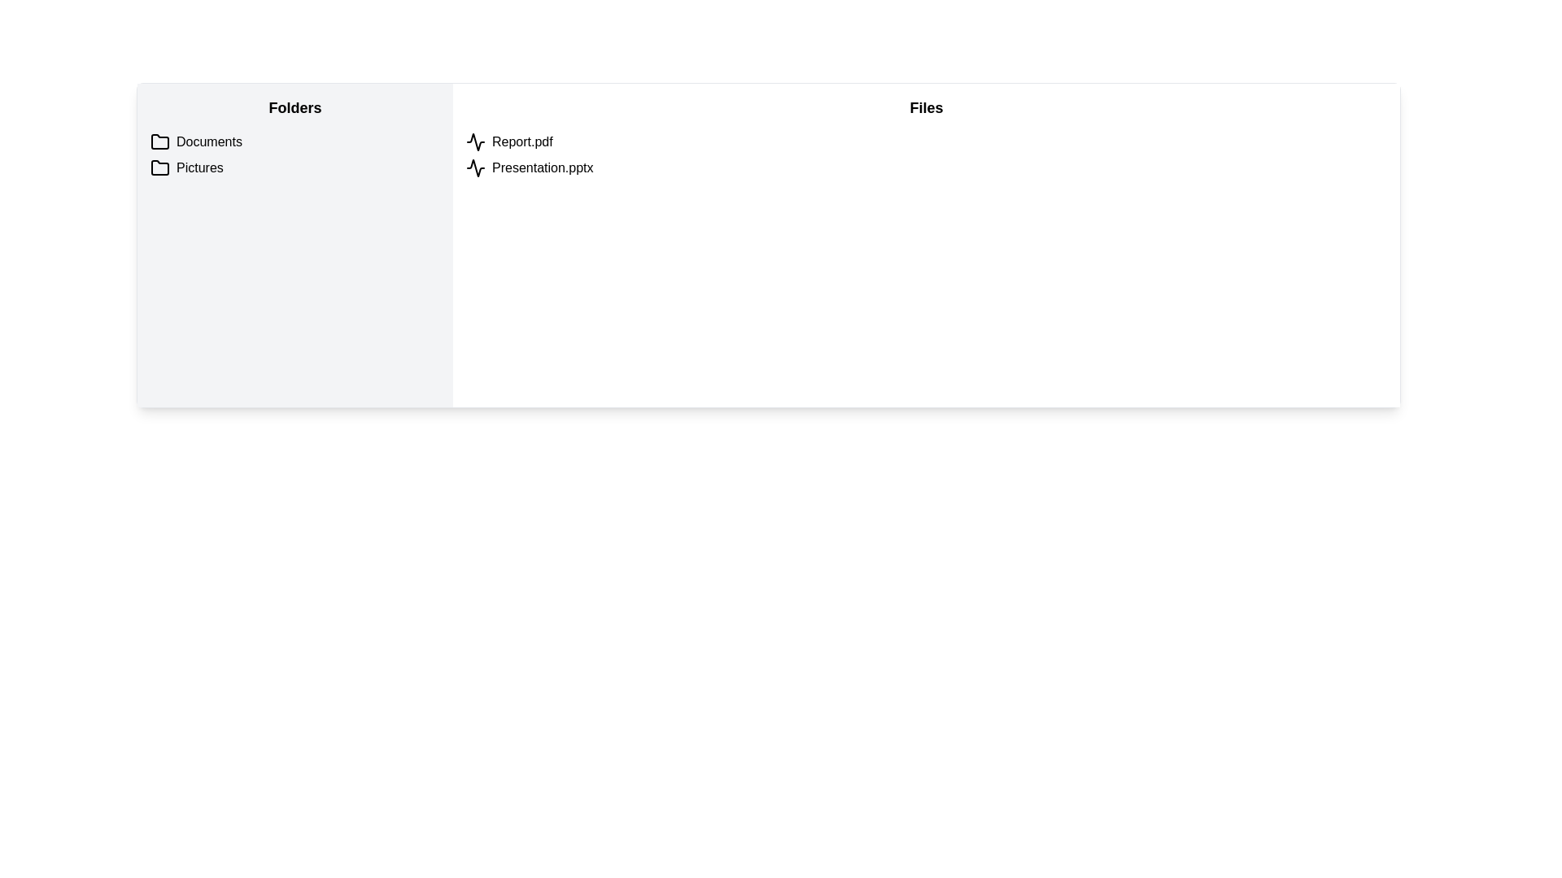 The width and height of the screenshot is (1562, 878). I want to click on the second folder icon under the 'Folders' section which symbolizes the 'Pictures' folder, so click(159, 167).